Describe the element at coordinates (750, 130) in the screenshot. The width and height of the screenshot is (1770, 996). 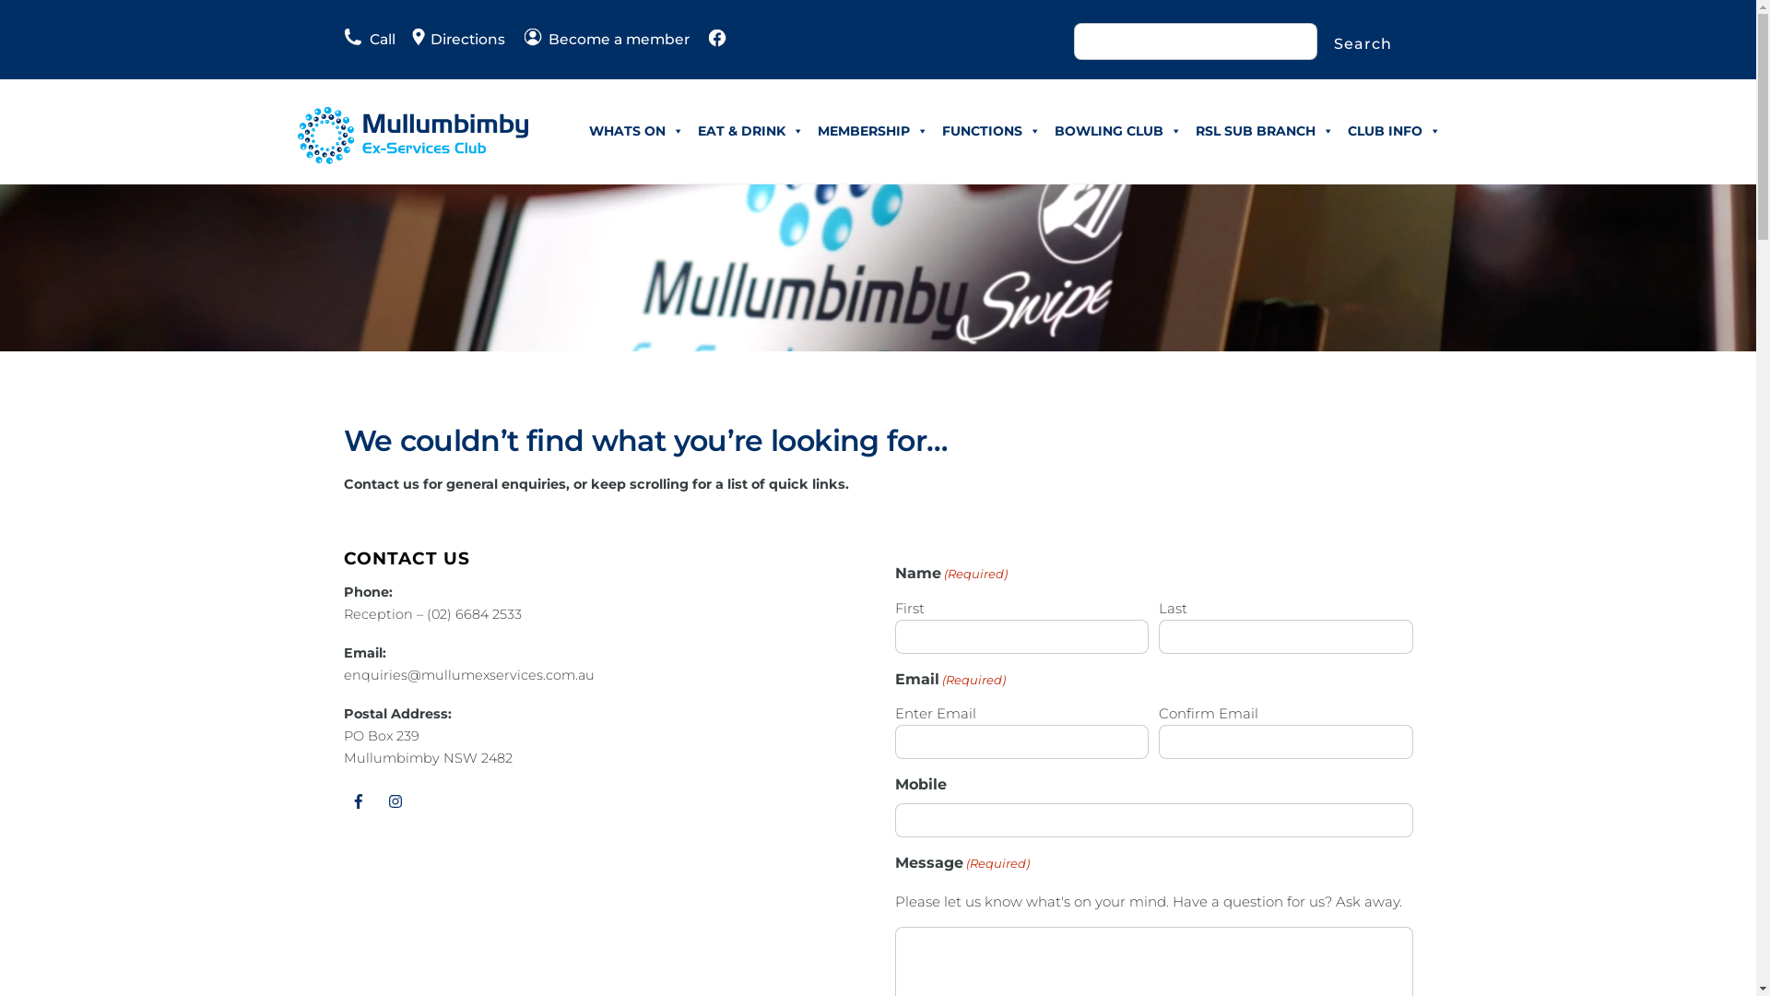
I see `'EAT & DRINK'` at that location.